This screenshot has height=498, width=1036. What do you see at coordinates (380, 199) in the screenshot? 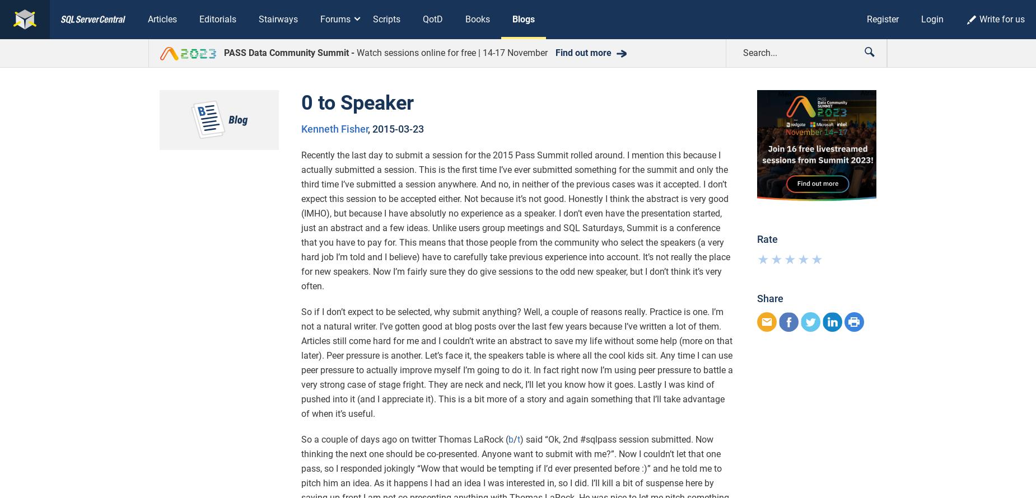
I see `'speaking'` at bounding box center [380, 199].